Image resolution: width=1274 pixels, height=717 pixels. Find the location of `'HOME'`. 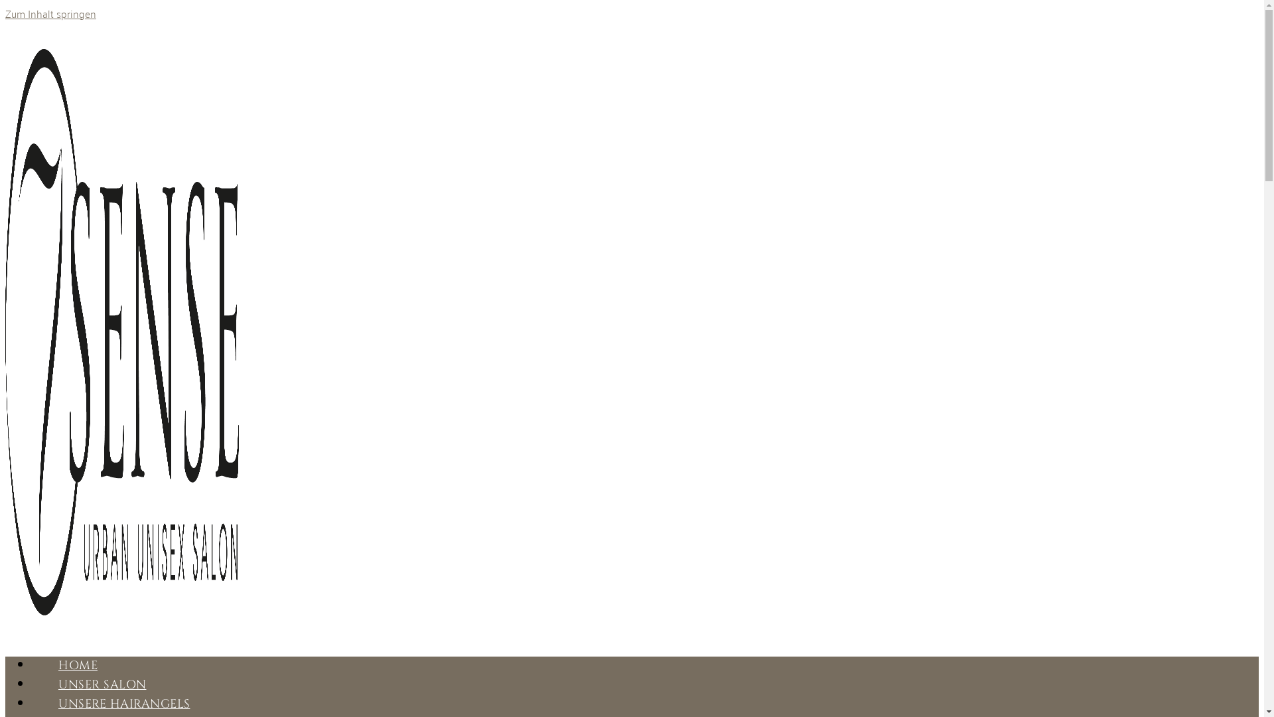

'HOME' is located at coordinates (77, 665).